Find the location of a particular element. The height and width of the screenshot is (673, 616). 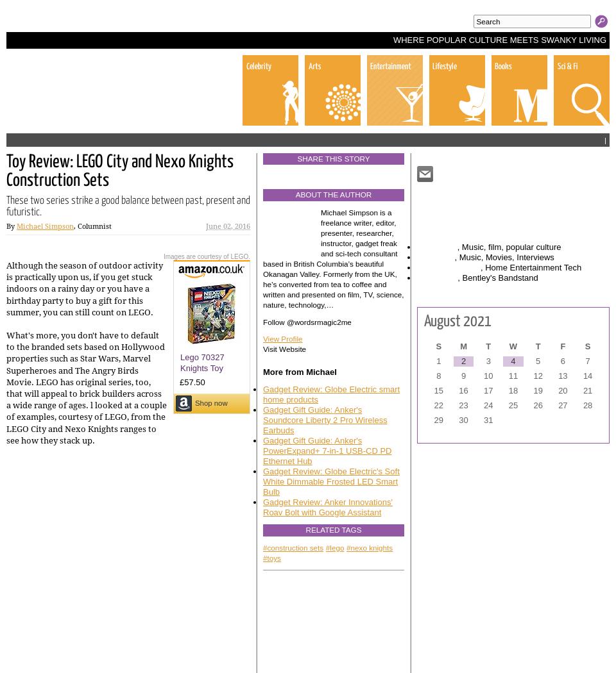

'By' is located at coordinates (10, 225).